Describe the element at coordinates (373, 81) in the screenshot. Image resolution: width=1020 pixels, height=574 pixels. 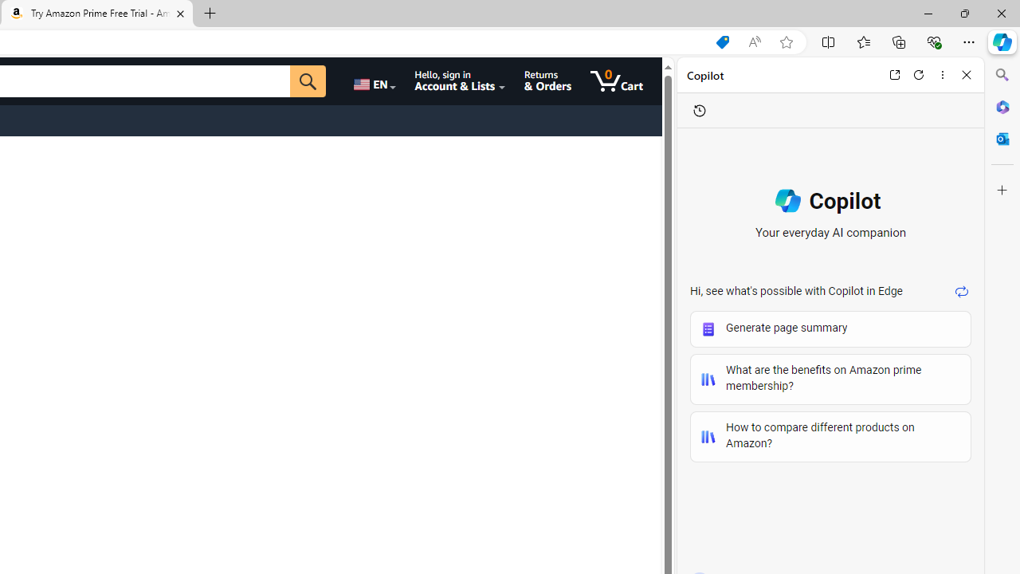
I see `'Choose a language for shopping.'` at that location.